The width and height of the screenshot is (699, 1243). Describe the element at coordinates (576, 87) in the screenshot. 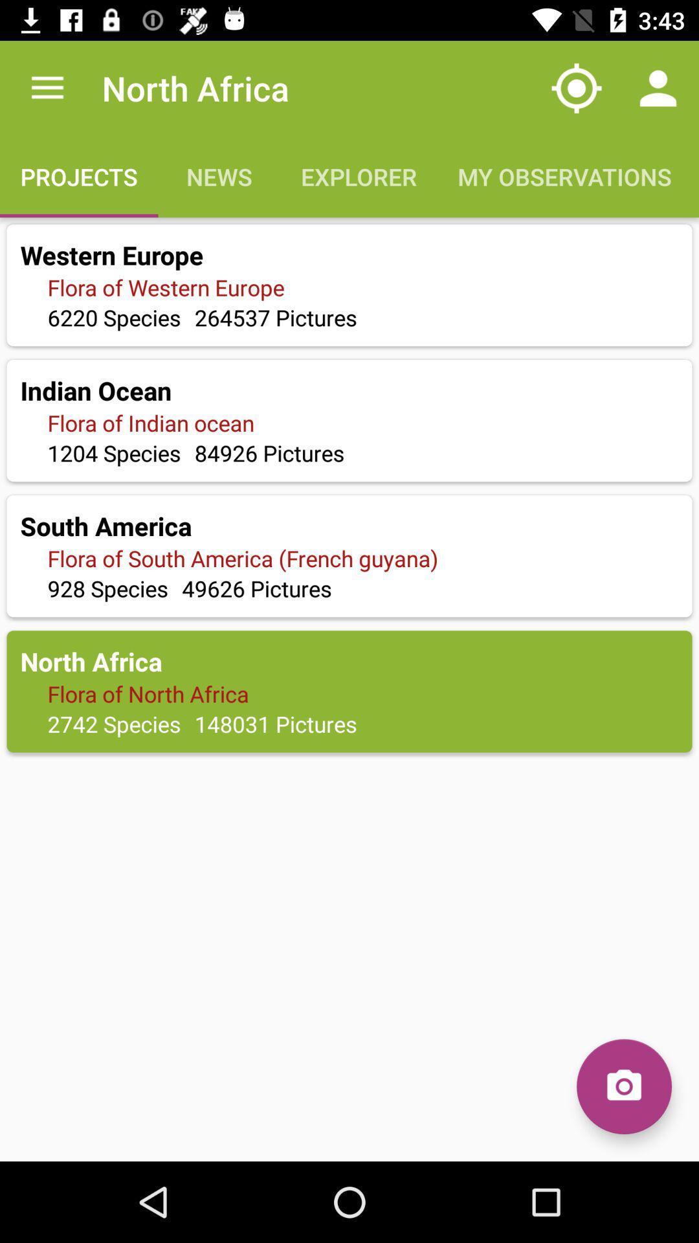

I see `the app to the right of the north africa` at that location.